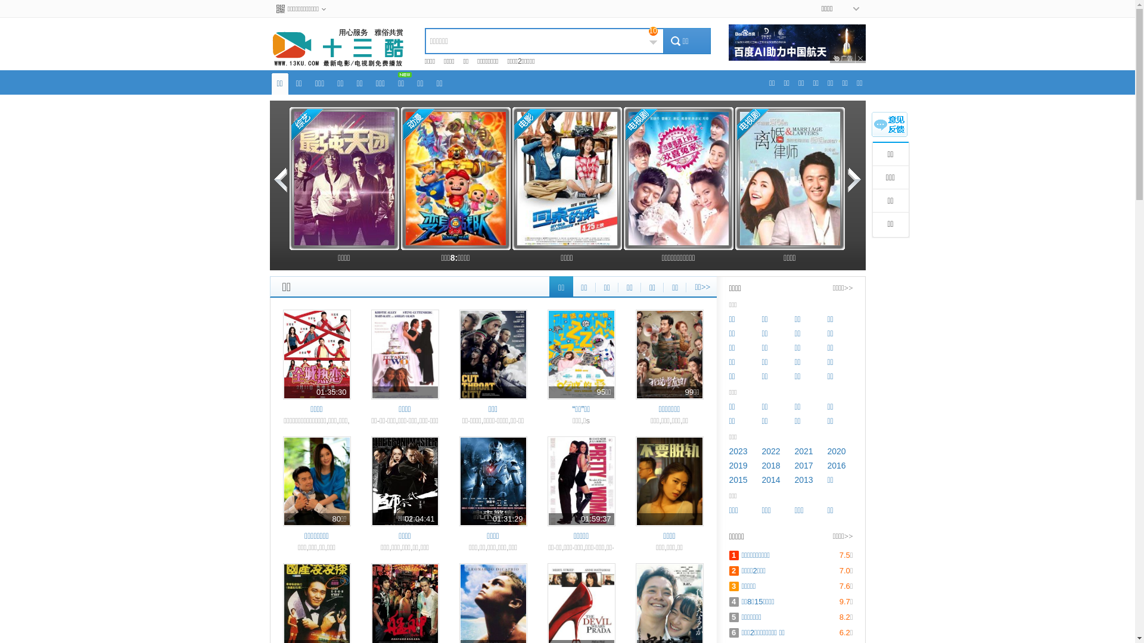 The width and height of the screenshot is (1144, 643). Describe the element at coordinates (804, 465) in the screenshot. I see `'2017'` at that location.